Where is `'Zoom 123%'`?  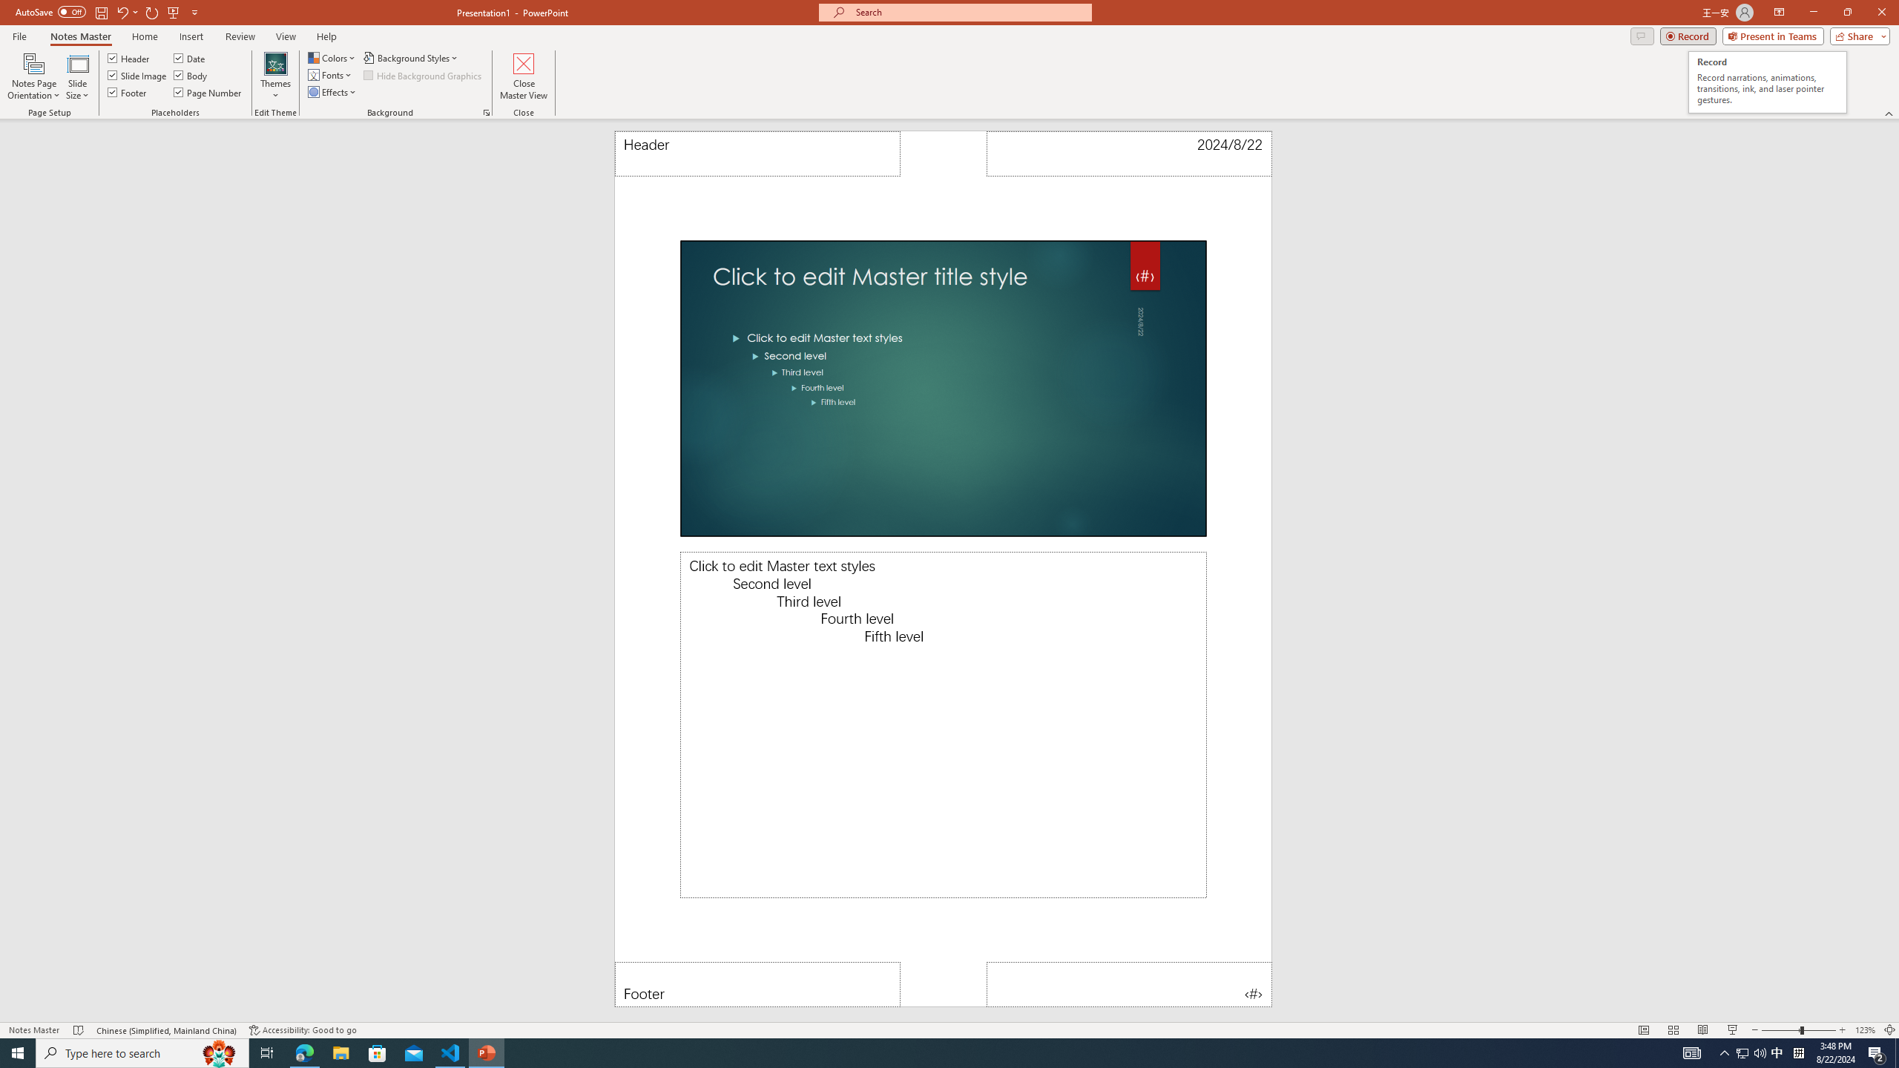 'Zoom 123%' is located at coordinates (1866, 1030).